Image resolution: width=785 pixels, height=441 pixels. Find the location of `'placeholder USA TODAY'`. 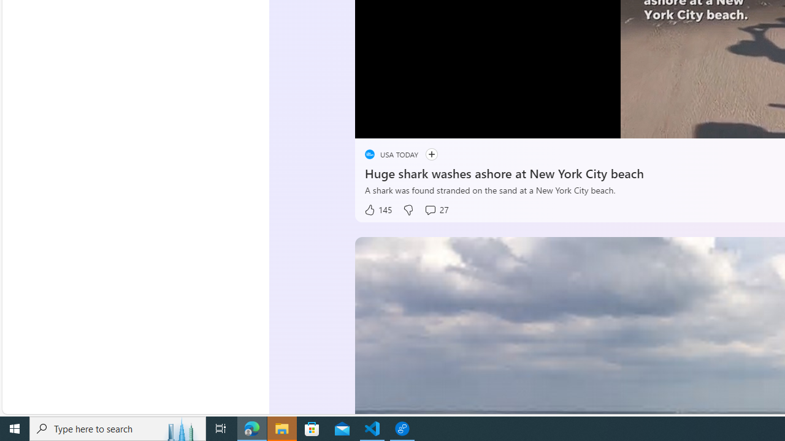

'placeholder USA TODAY' is located at coordinates (391, 154).